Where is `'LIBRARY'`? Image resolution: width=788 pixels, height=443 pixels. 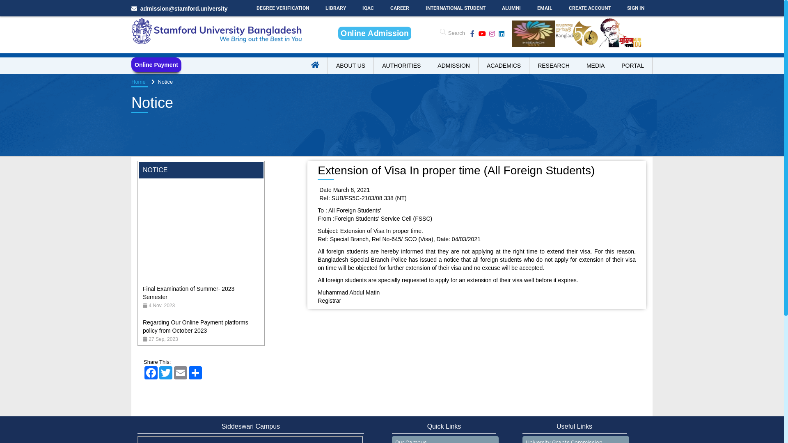 'LIBRARY' is located at coordinates (335, 8).